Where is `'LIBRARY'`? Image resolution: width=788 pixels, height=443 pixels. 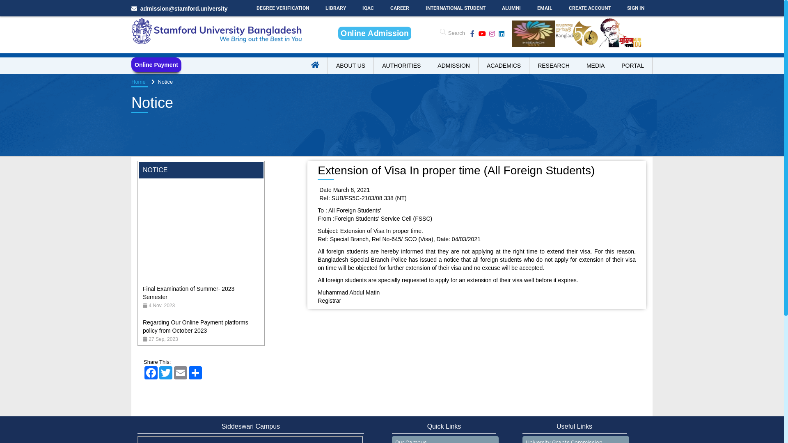 'LIBRARY' is located at coordinates (335, 8).